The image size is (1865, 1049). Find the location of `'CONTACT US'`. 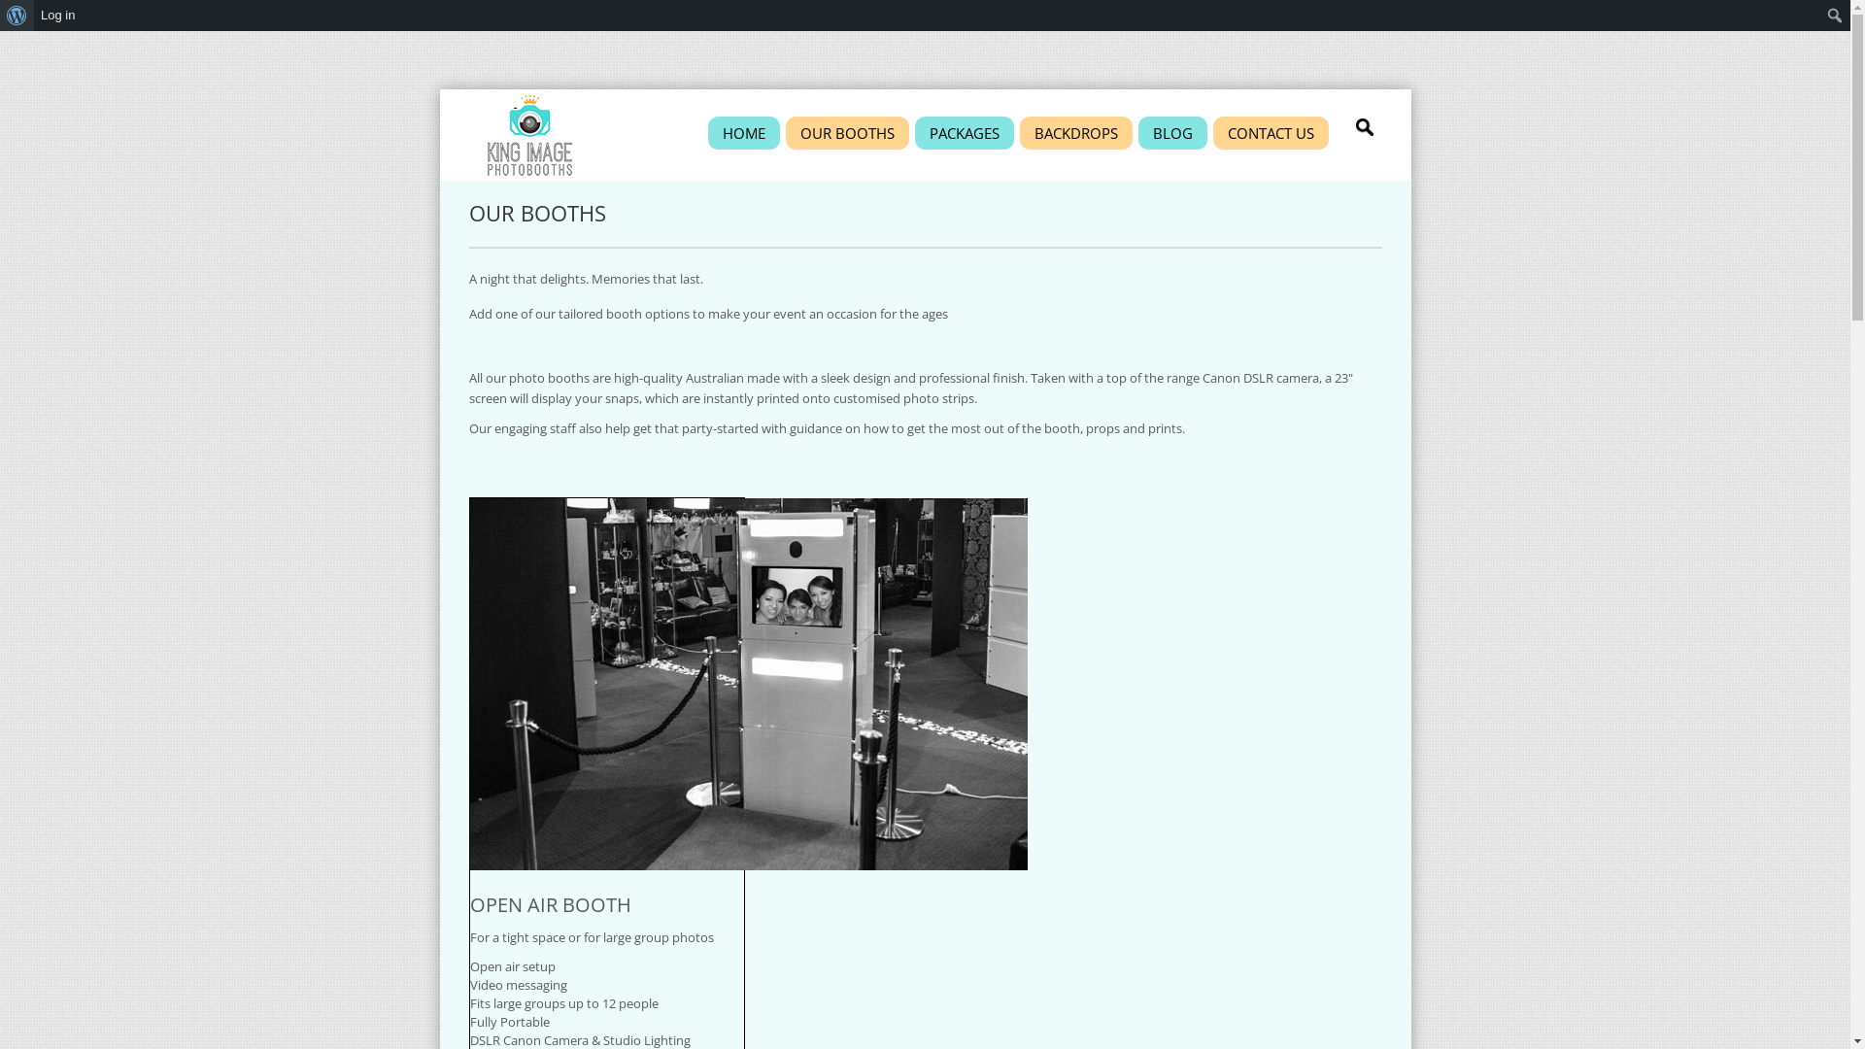

'CONTACT US' is located at coordinates (1270, 132).